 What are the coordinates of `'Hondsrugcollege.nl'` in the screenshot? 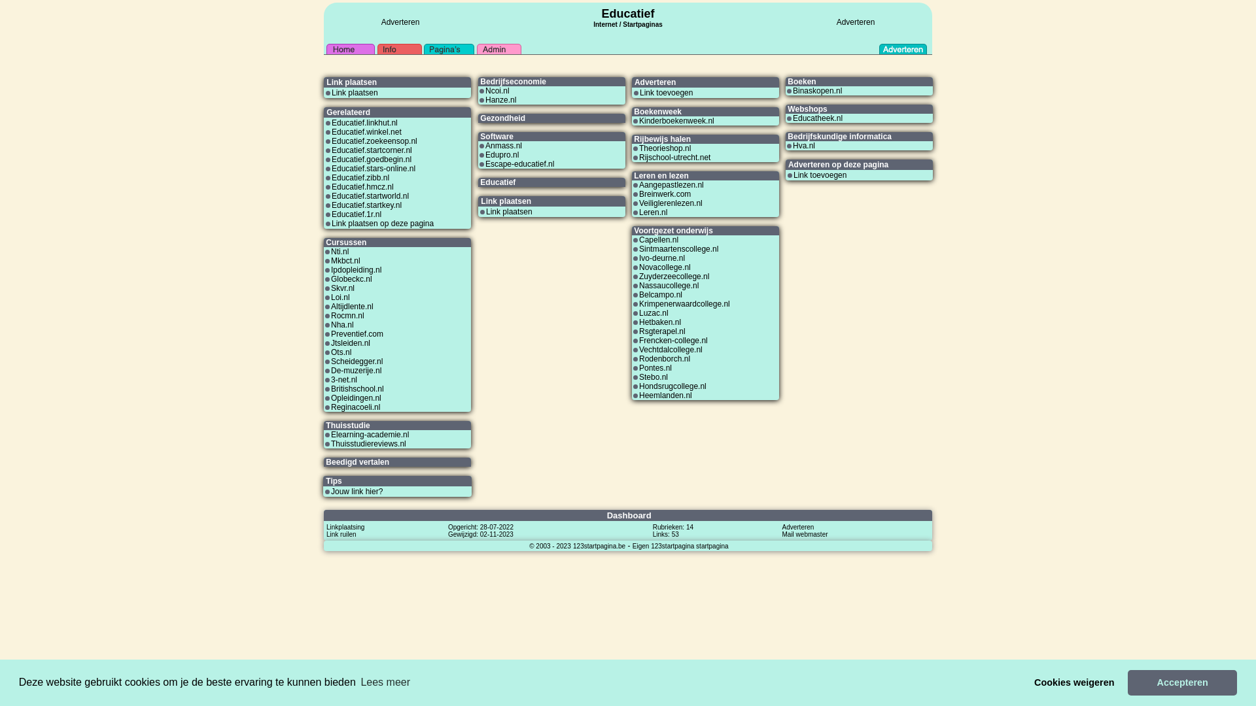 It's located at (672, 385).